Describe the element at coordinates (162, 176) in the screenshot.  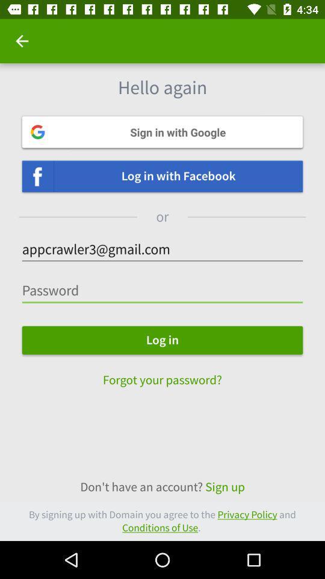
I see `log in with facebook option` at that location.